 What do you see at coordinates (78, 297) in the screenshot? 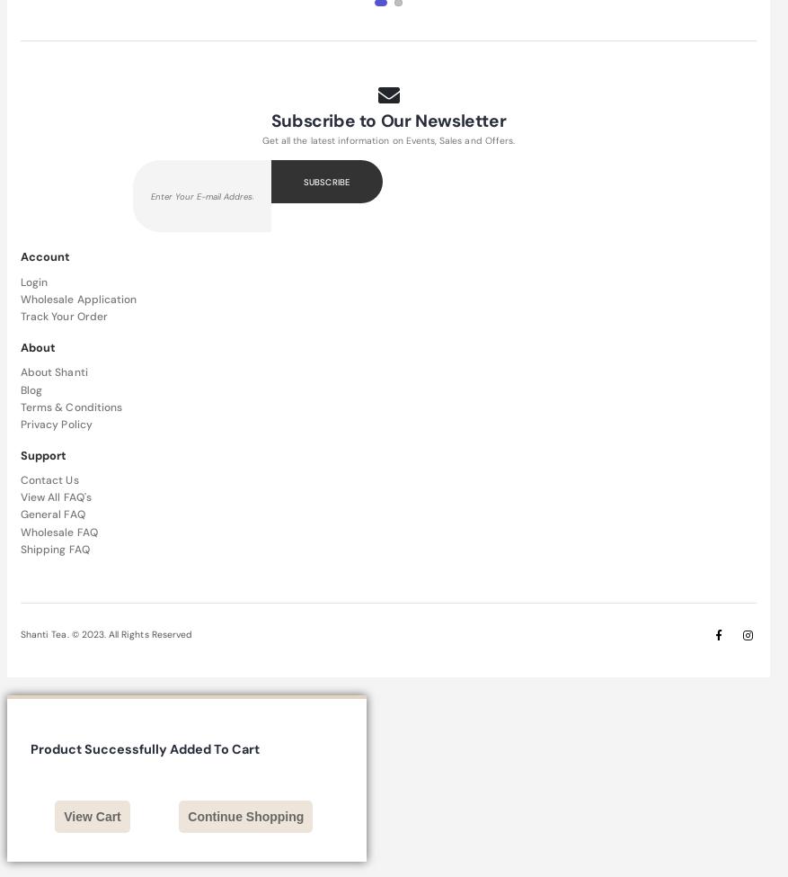
I see `'Wholesale Application'` at bounding box center [78, 297].